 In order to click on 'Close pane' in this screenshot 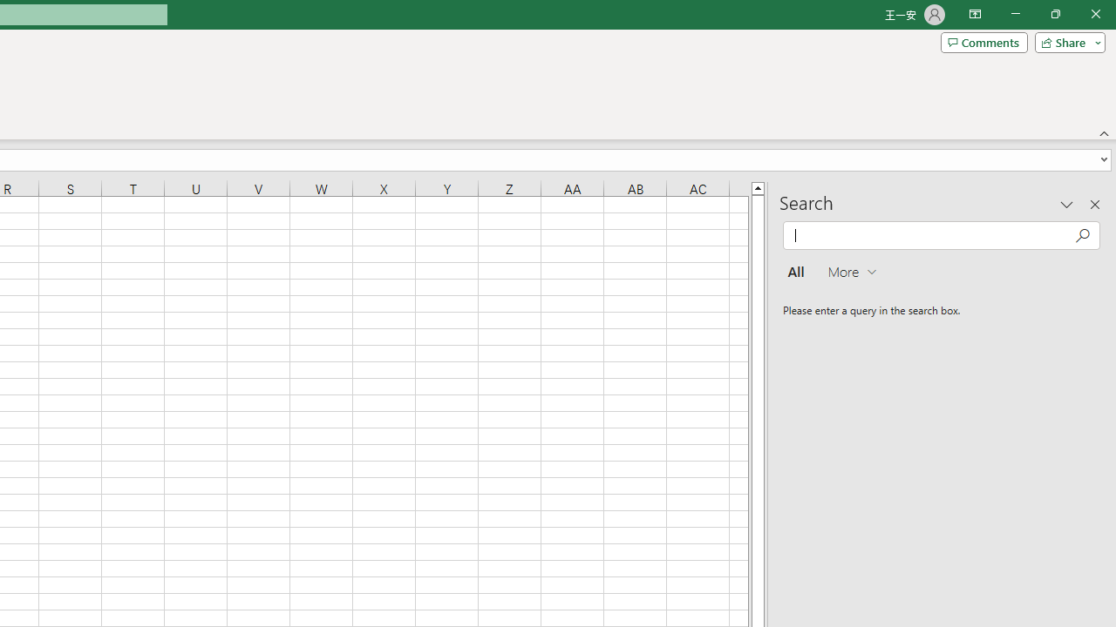, I will do `click(1094, 204)`.